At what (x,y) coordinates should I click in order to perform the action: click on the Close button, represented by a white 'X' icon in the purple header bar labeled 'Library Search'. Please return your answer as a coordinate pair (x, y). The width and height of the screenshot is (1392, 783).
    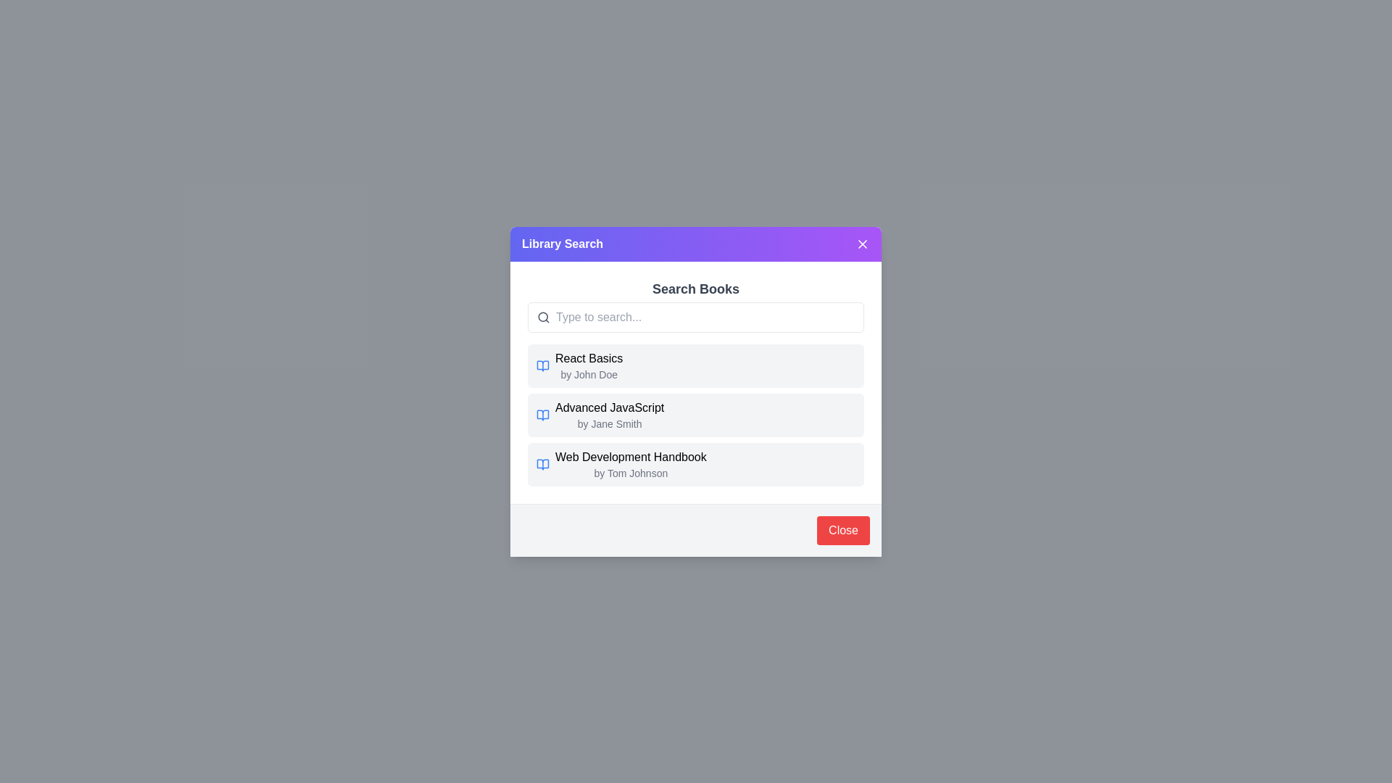
    Looking at the image, I should click on (863, 243).